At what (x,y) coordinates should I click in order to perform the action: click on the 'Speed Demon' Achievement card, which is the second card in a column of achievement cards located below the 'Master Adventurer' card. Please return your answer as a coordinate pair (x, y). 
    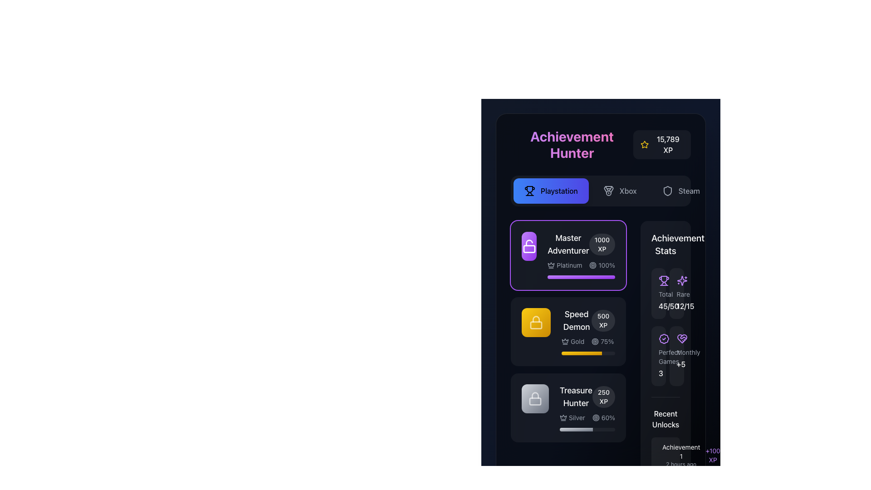
    Looking at the image, I should click on (588, 332).